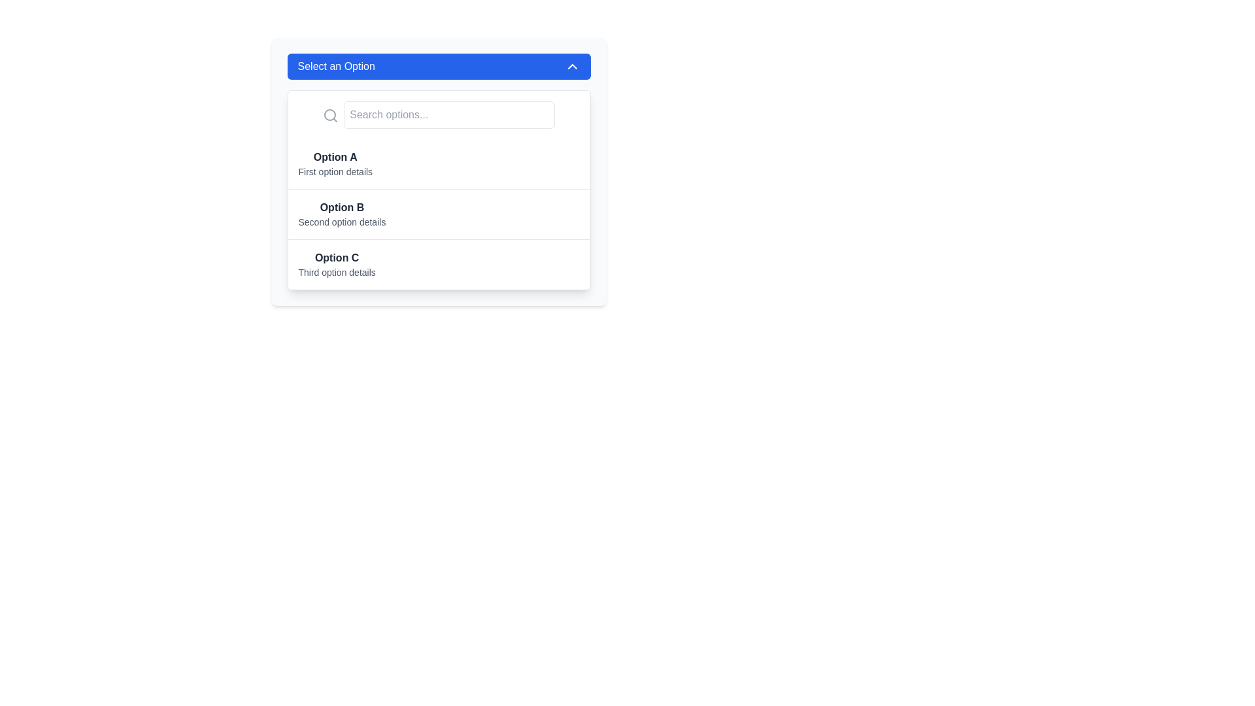  I want to click on the 'Option C' entry in the dropdown menu, so click(337, 265).